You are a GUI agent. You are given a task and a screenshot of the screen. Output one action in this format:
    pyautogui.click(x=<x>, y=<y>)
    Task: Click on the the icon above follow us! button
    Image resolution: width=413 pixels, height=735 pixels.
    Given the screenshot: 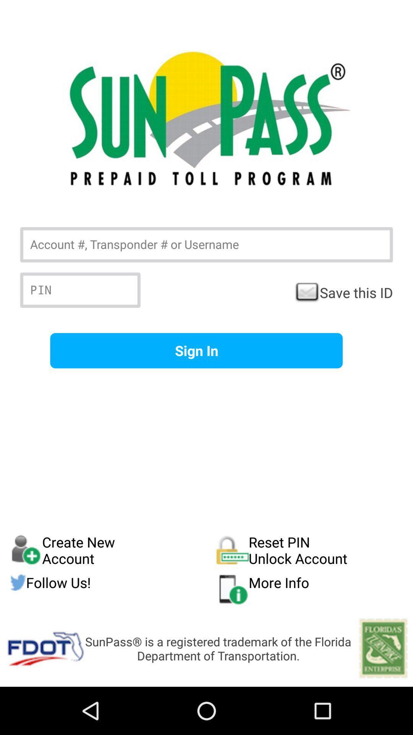 What is the action you would take?
    pyautogui.click(x=310, y=550)
    